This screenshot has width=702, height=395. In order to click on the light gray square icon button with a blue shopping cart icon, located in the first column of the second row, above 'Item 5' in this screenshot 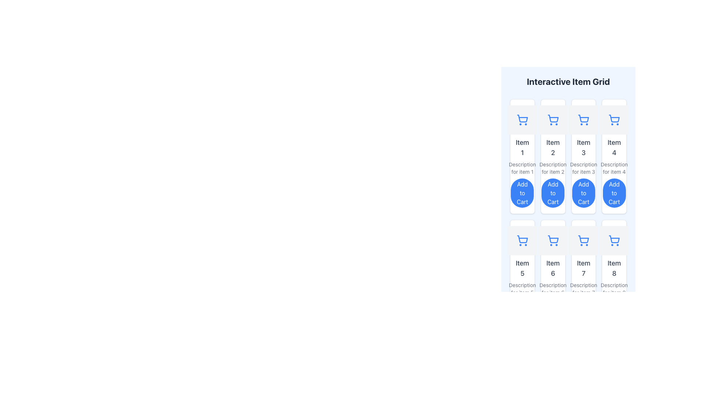, I will do `click(522, 241)`.